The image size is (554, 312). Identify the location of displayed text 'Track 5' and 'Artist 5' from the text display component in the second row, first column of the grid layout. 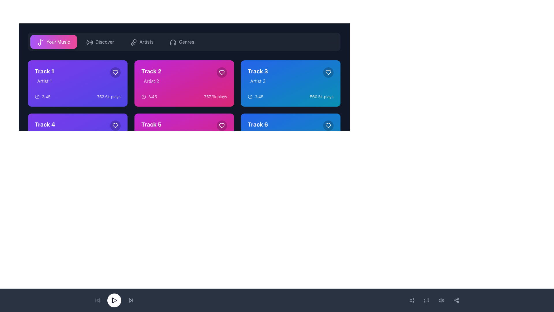
(151, 129).